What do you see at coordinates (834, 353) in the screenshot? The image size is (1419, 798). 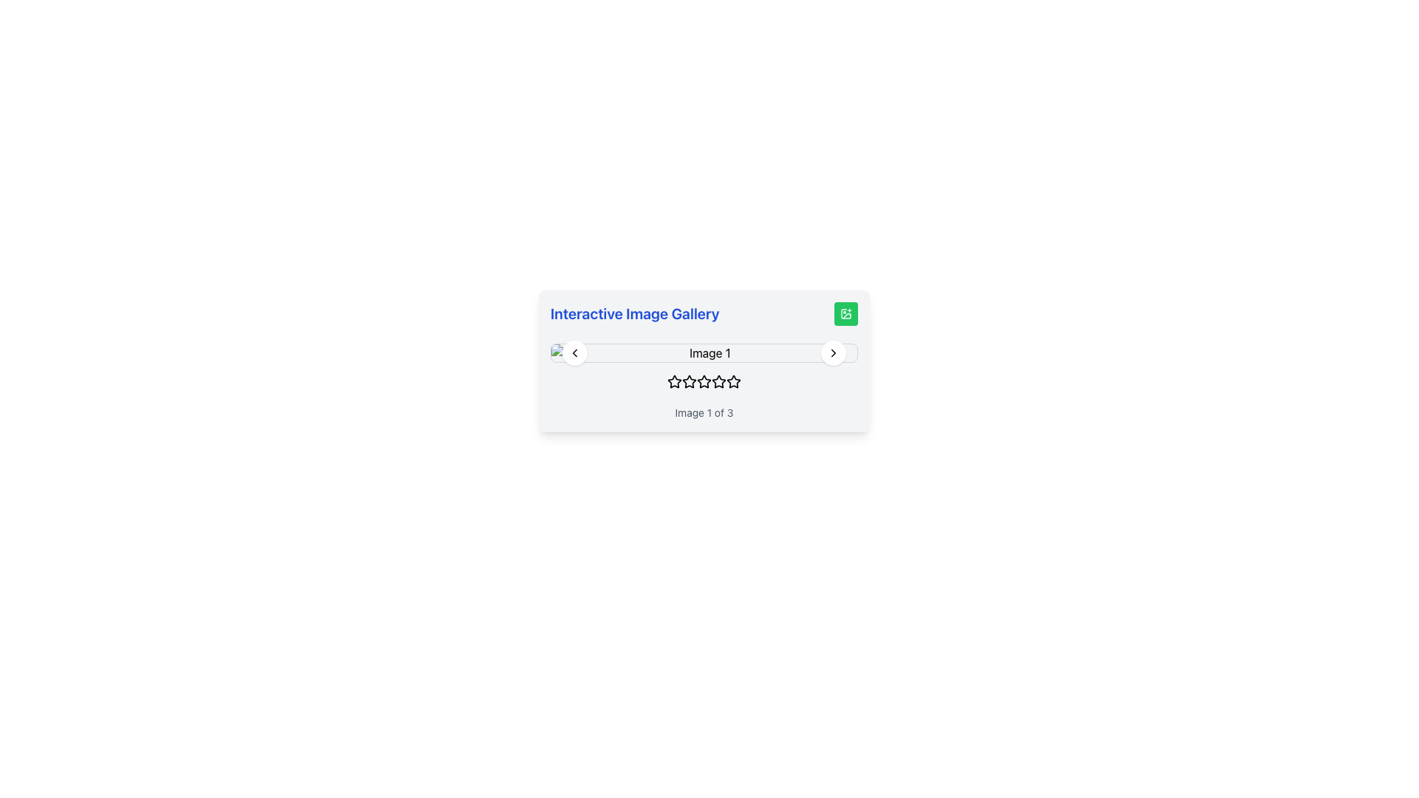 I see `the right-pointing chevron icon in the navigation control` at bounding box center [834, 353].